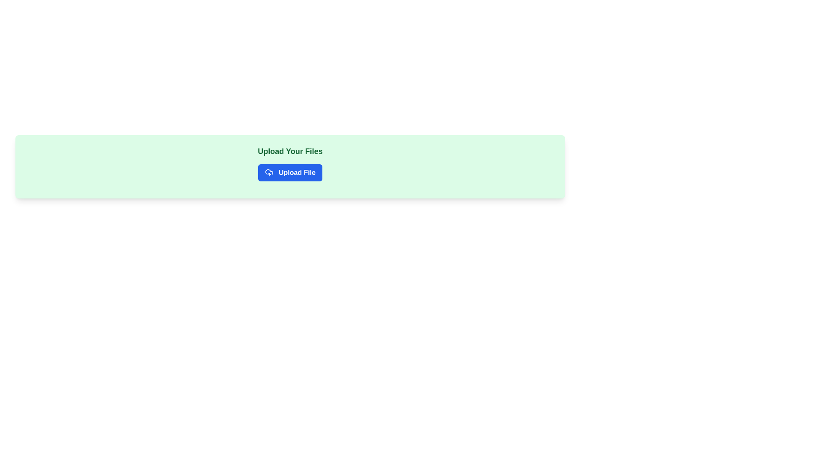 Image resolution: width=822 pixels, height=462 pixels. What do you see at coordinates (290, 173) in the screenshot?
I see `the rectangular button with a blue background and white text that reads 'Upload File'` at bounding box center [290, 173].